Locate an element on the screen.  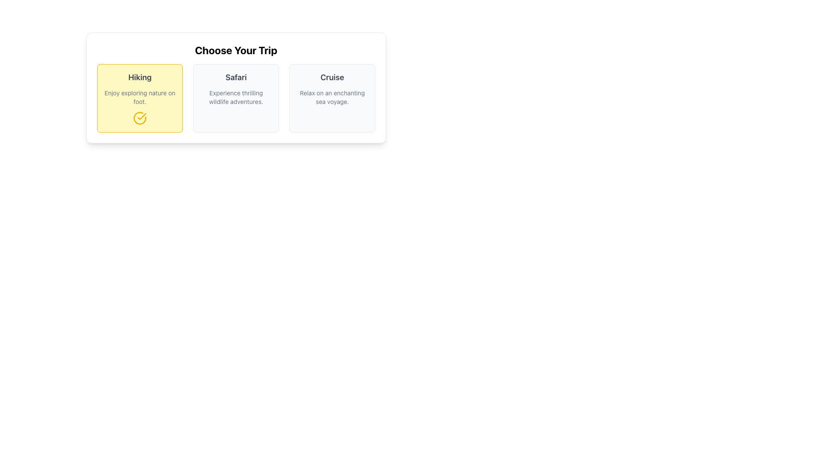
text label displaying 'Relax on an enchanting sea voyage.' located below the title 'Cruise' in the third option card for trip types is located at coordinates (332, 97).